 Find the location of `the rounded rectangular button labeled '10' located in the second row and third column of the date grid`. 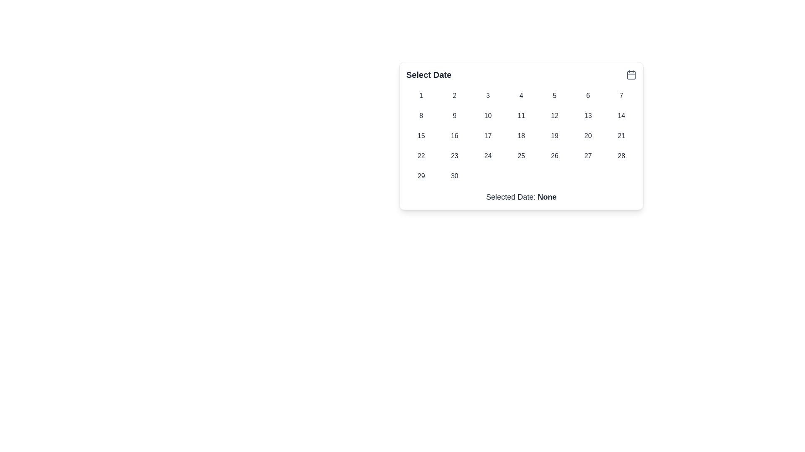

the rounded rectangular button labeled '10' located in the second row and third column of the date grid is located at coordinates (488, 116).